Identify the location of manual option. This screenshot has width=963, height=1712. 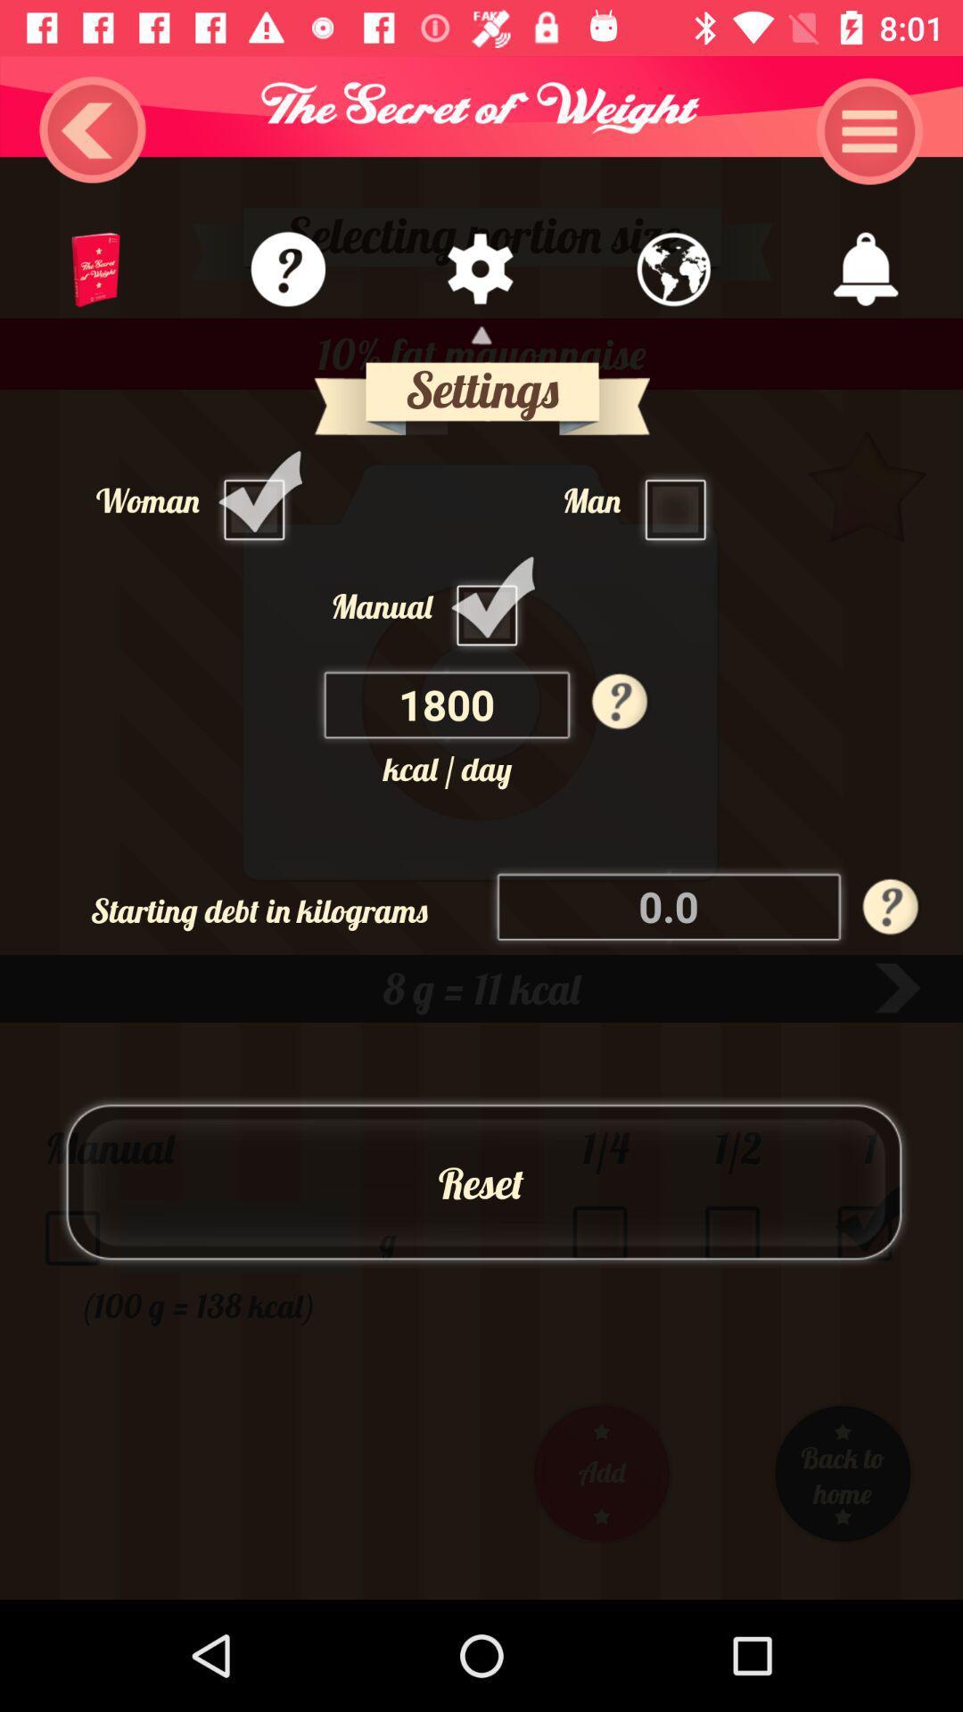
(491, 605).